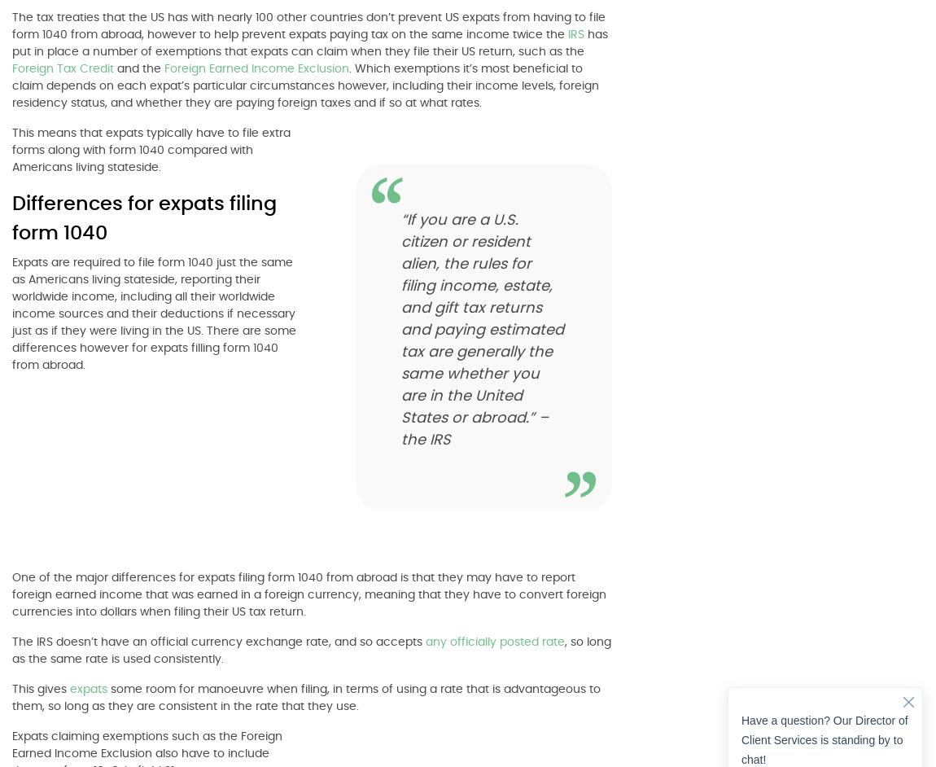 Image resolution: width=936 pixels, height=767 pixels. Describe the element at coordinates (153, 314) in the screenshot. I see `'Expats are required to file form 1040 just the same as Americans living stateside, reporting their worldwide income, including all their worldwide income sources and their deductions if necessary just as if they were living in the US. There are some differences however for expats filling form 1040 from abroad.'` at that location.